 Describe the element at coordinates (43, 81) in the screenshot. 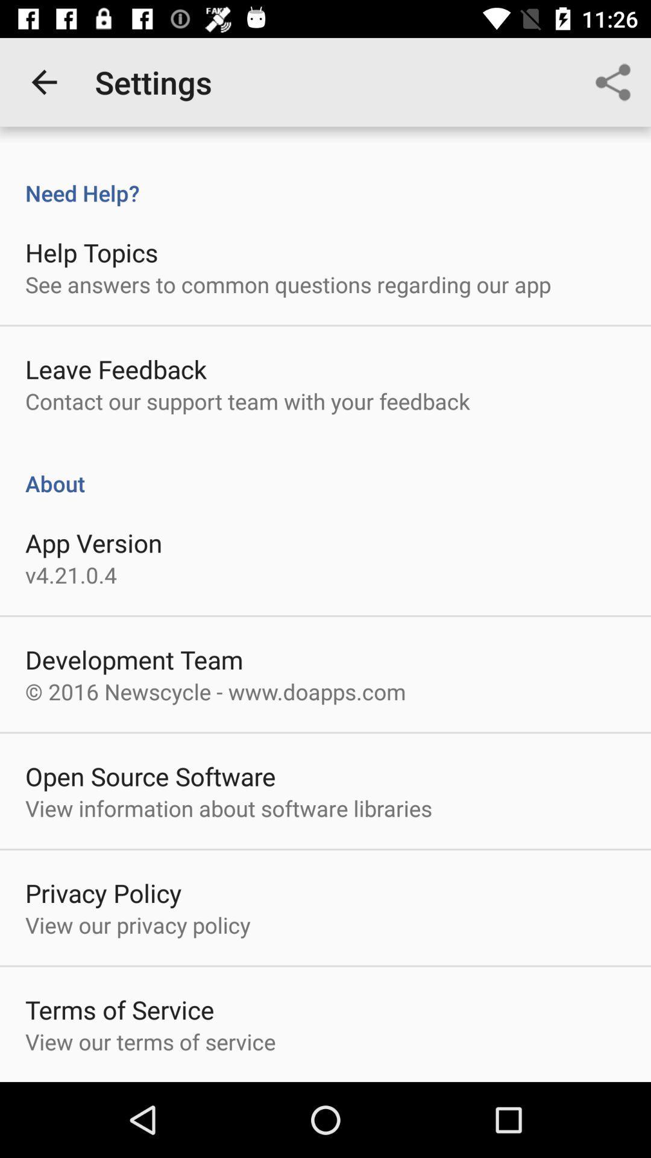

I see `item above need help? item` at that location.